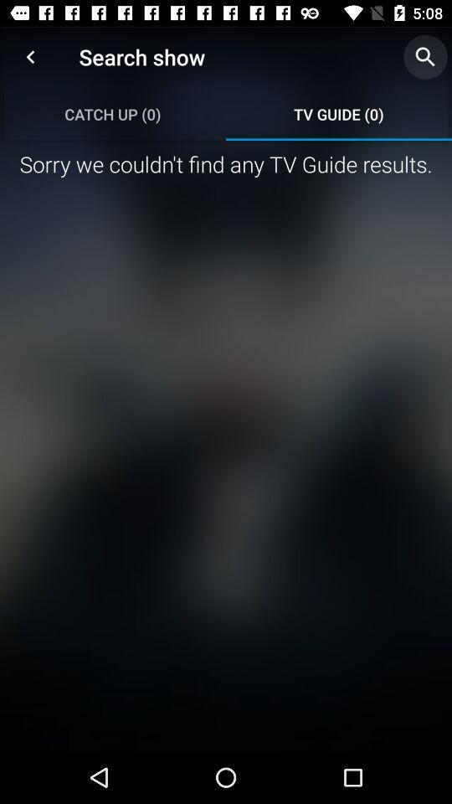  Describe the element at coordinates (30, 57) in the screenshot. I see `item next to the search show` at that location.